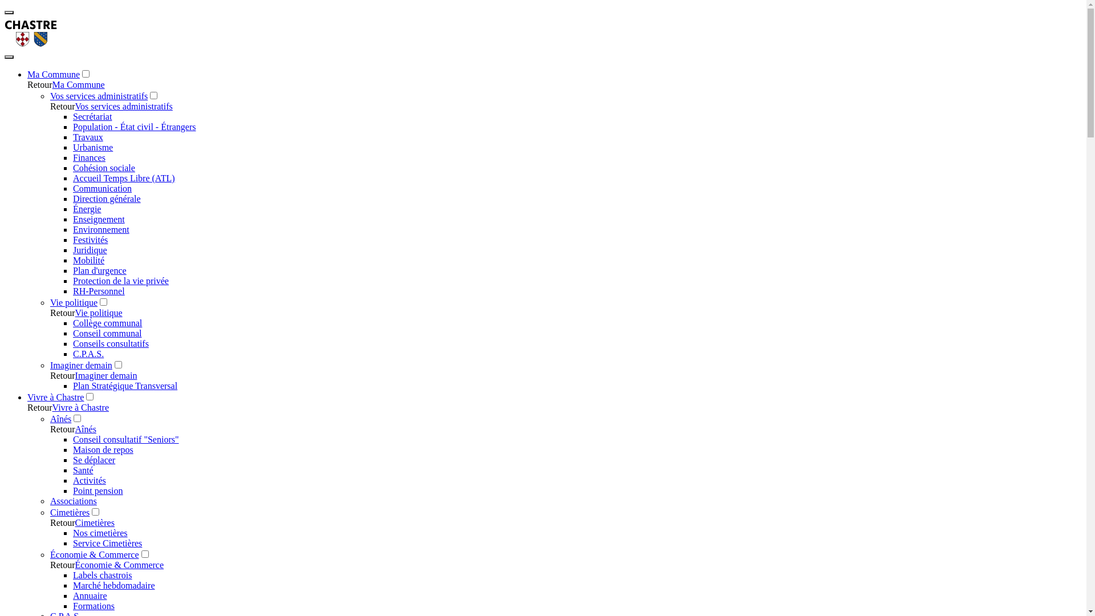  What do you see at coordinates (27, 84) in the screenshot?
I see `'Retour'` at bounding box center [27, 84].